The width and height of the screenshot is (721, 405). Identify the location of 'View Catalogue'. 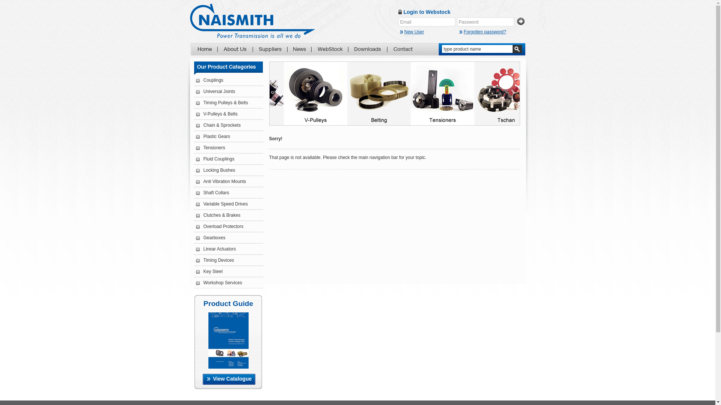
(202, 379).